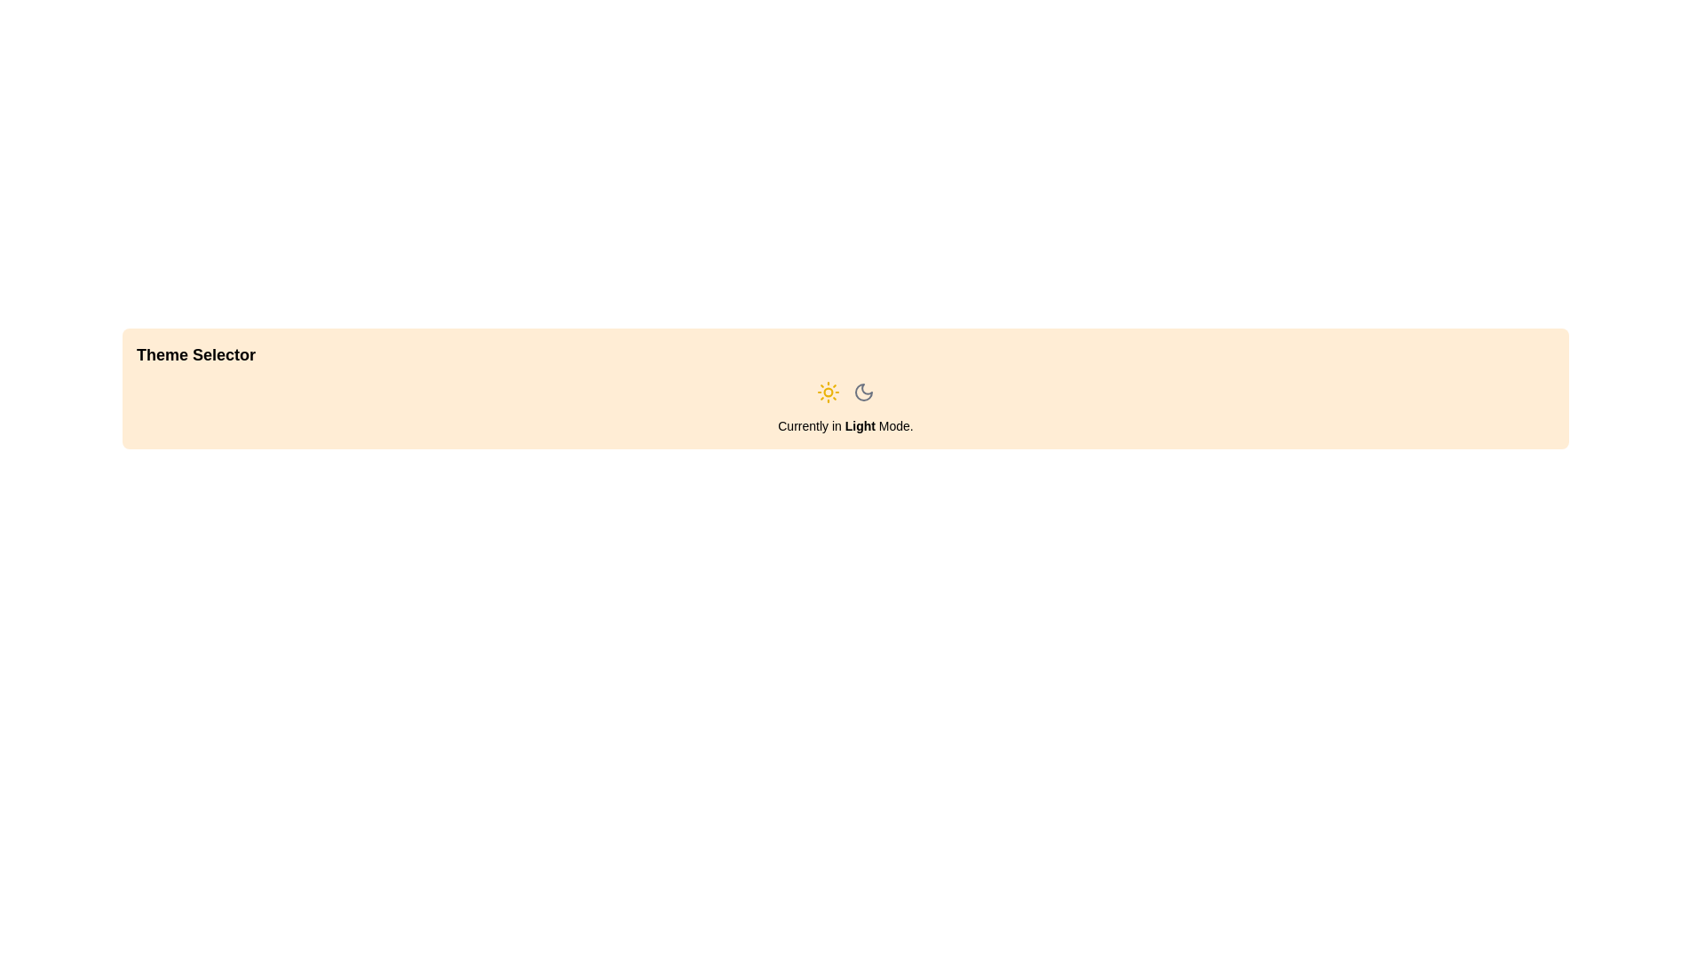 The width and height of the screenshot is (1705, 959). Describe the element at coordinates (863, 392) in the screenshot. I see `the button to set the theme to Dark` at that location.